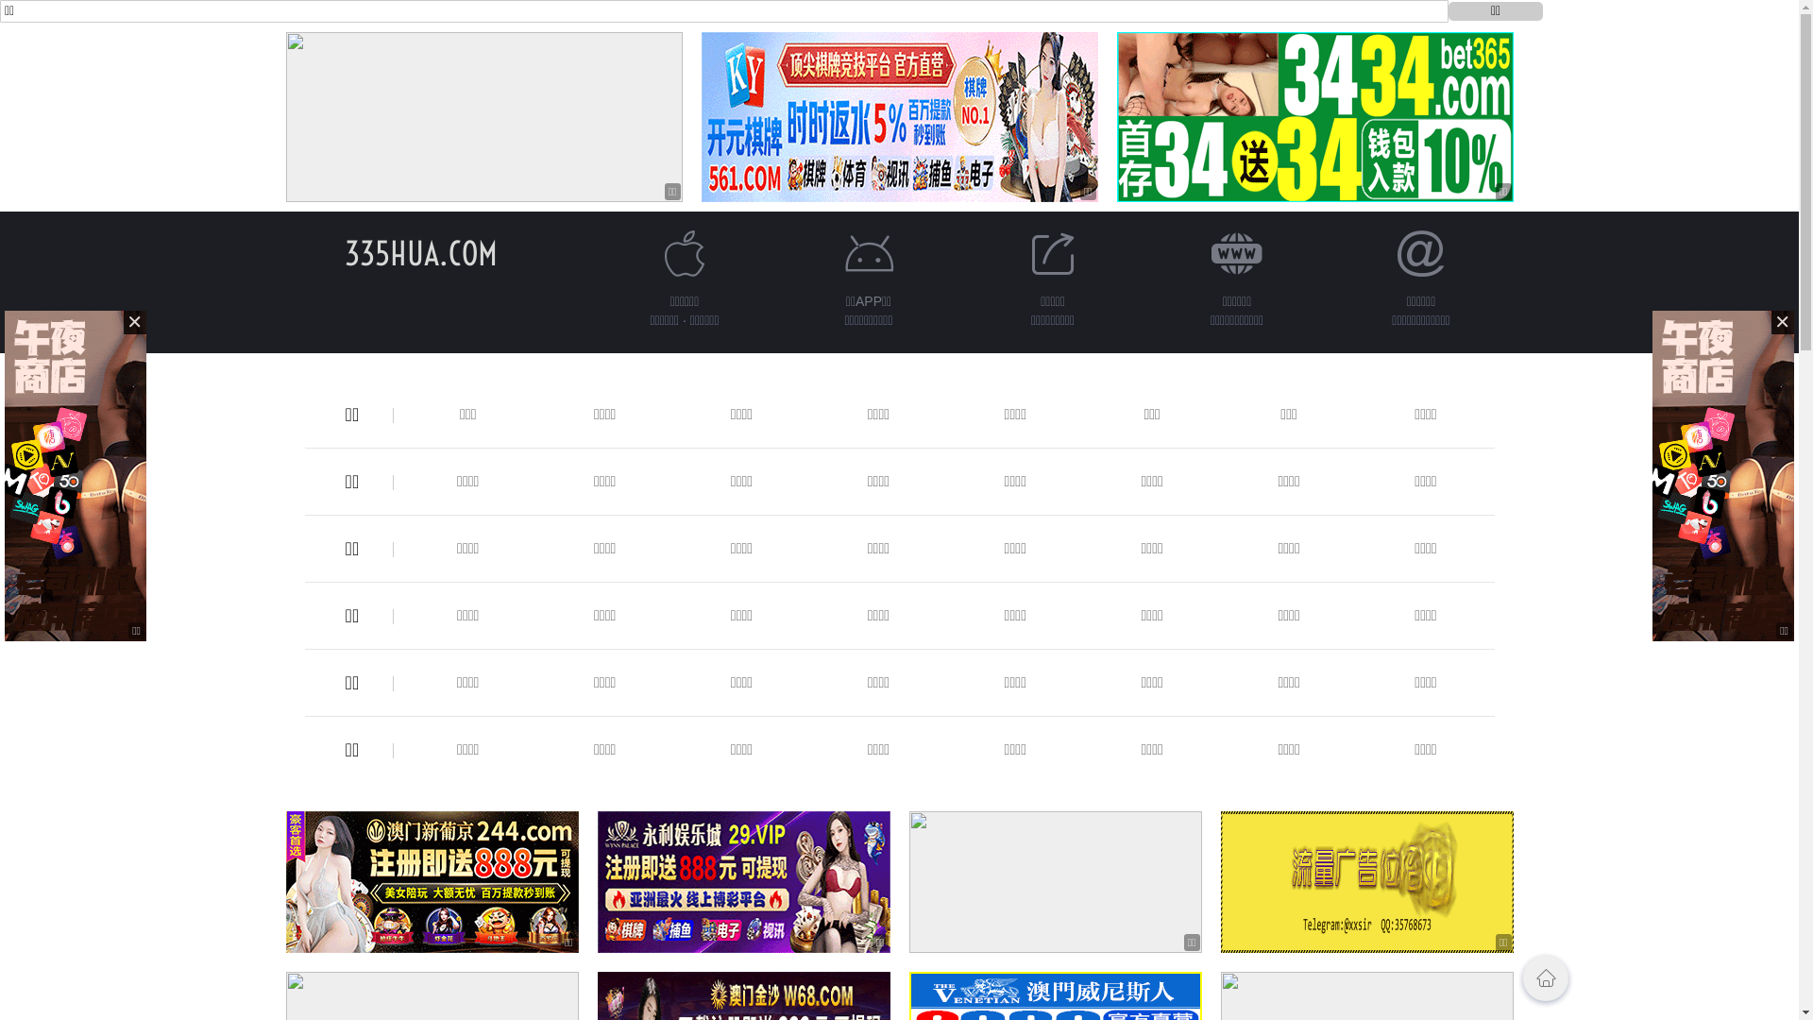 This screenshot has height=1020, width=1813. Describe the element at coordinates (419, 252) in the screenshot. I see `'335HUA.COM'` at that location.